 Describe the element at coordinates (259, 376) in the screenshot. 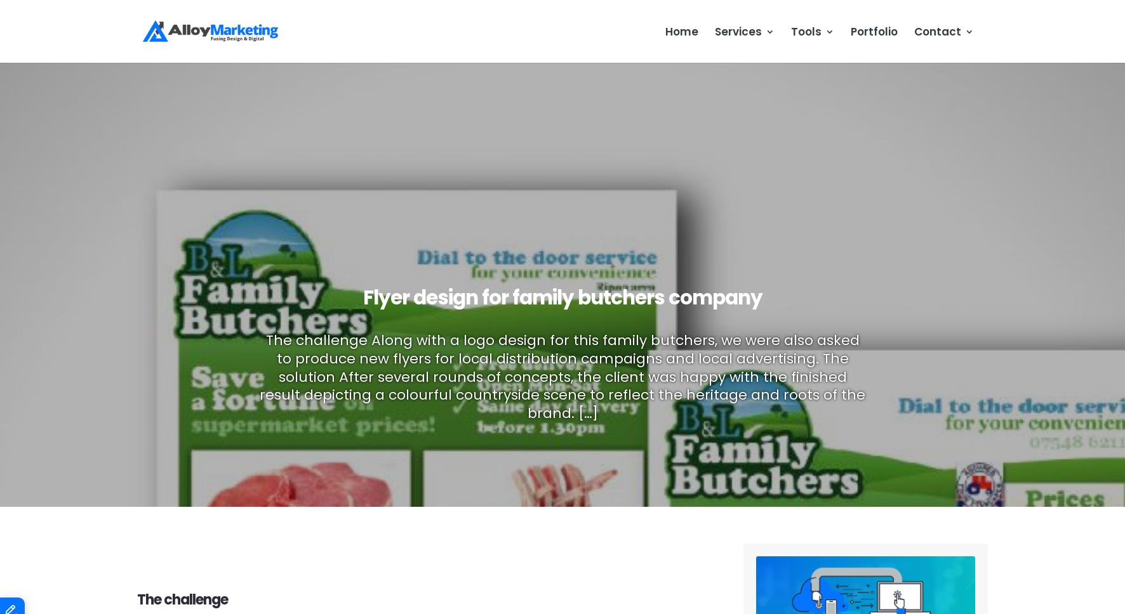

I see `'The challenge Along with a logo design for this family butchers, we were also asked to produce new flyers for local distribution campaigns and local advertising. The solution After several rounds of concepts, the client was happy with the finished result depicting a colourful countryside scene to reflect the heritage and roots of the brand. […]'` at that location.